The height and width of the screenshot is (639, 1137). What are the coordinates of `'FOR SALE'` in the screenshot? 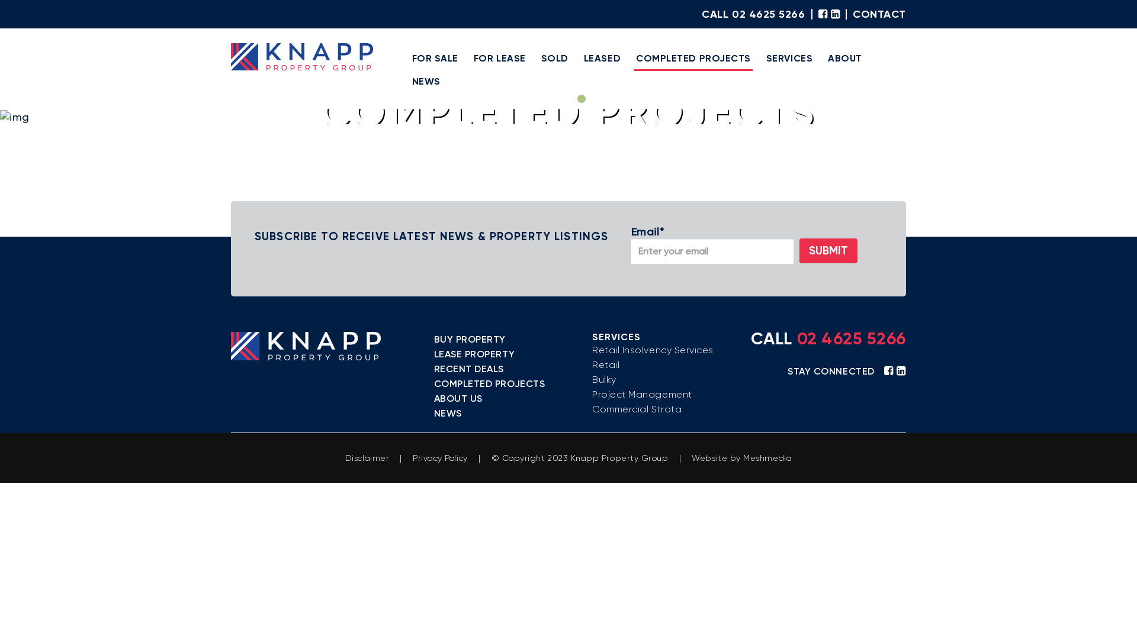 It's located at (434, 59).